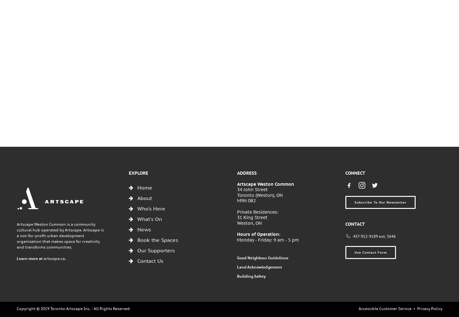  What do you see at coordinates (60, 235) in the screenshot?
I see `'Artscape Weston Common is a community cultural hub operated by Artscape. Artscape is a not-for-profit urban development organization that makes space for creativity and transforms communities.'` at bounding box center [60, 235].